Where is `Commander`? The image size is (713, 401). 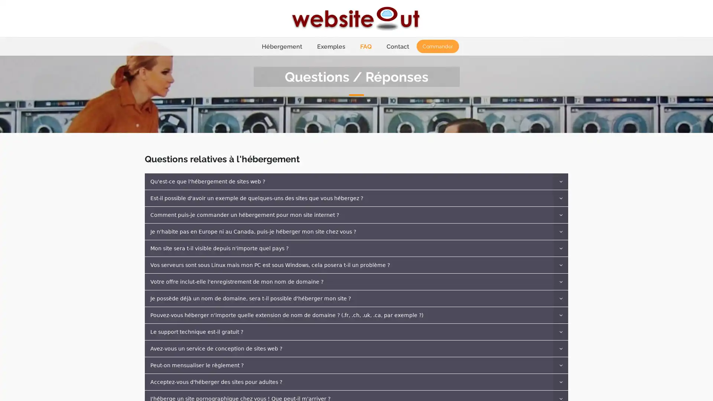
Commander is located at coordinates (437, 46).